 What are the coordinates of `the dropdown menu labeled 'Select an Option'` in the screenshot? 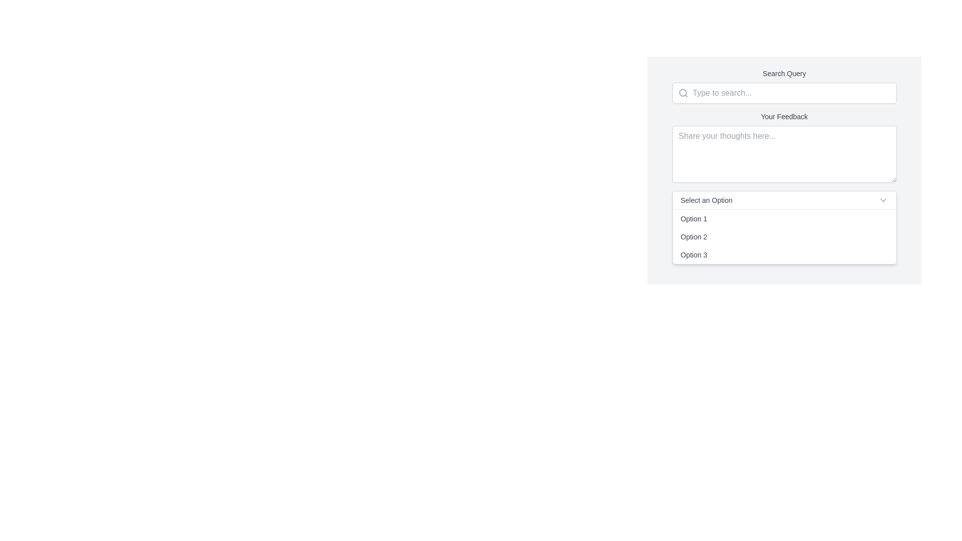 It's located at (784, 227).